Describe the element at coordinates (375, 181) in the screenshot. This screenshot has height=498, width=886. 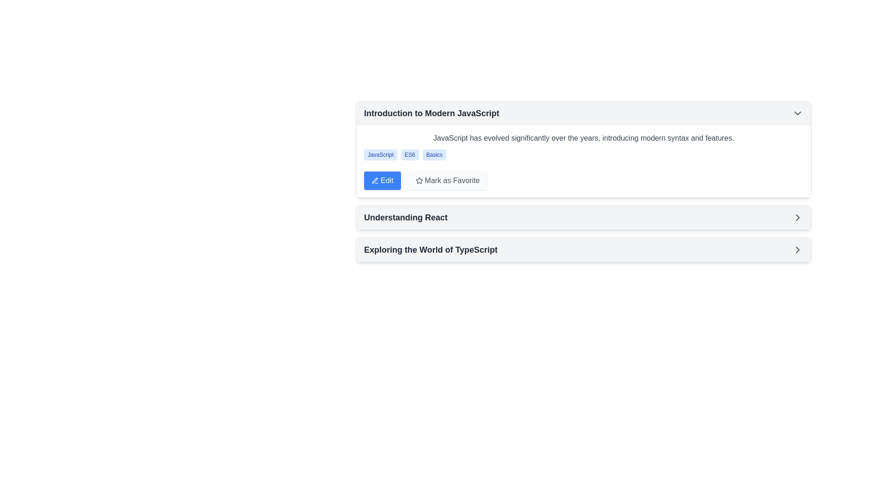
I see `the pen icon representing the editing functionality, which is part of the 'Edit' button located at the top-left section of the visible list` at that location.